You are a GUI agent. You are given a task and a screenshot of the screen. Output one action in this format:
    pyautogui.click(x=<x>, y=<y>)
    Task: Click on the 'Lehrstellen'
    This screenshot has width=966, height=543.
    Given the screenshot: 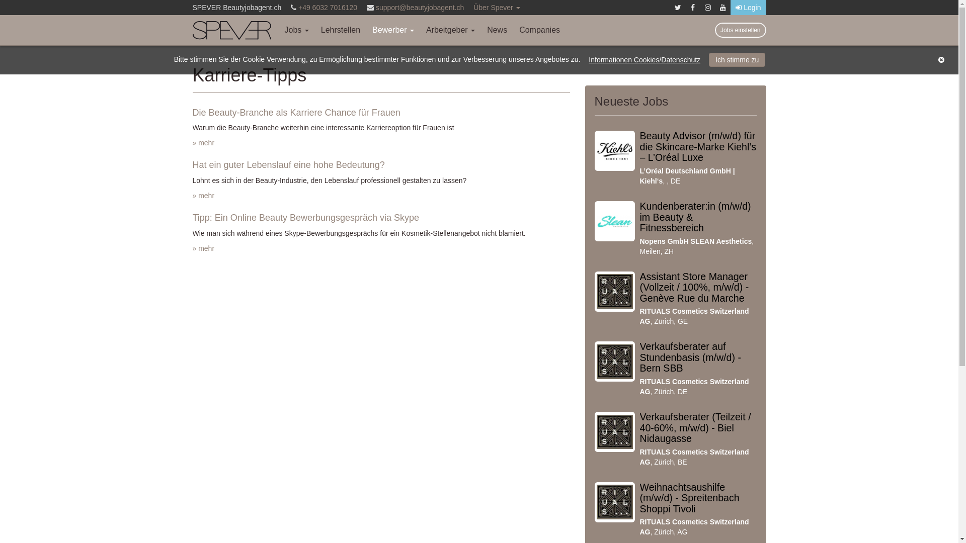 What is the action you would take?
    pyautogui.click(x=340, y=30)
    